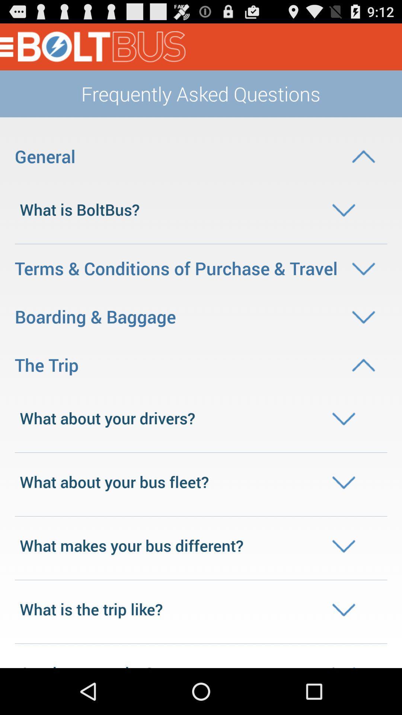  I want to click on what about your drivers, so click(201, 418).